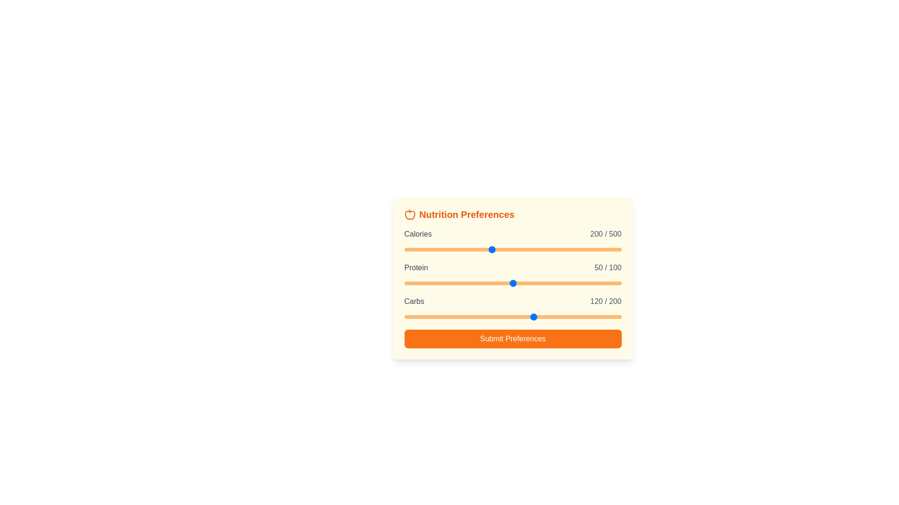 This screenshot has width=899, height=505. I want to click on the caloric value, so click(497, 249).